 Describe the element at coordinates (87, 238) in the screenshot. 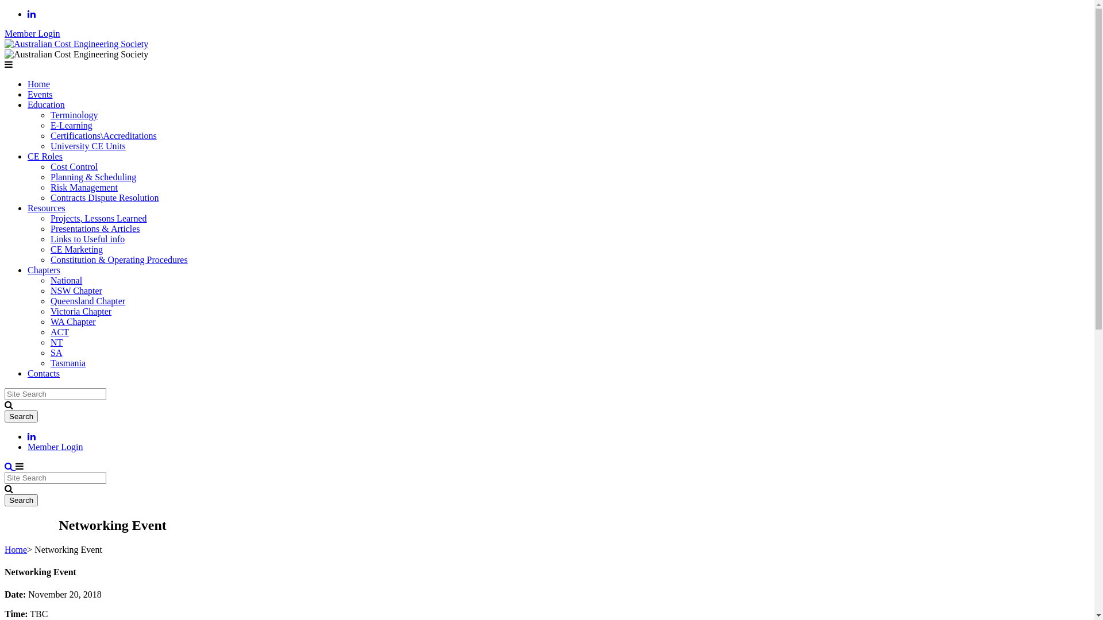

I see `'Links to Useful info'` at that location.